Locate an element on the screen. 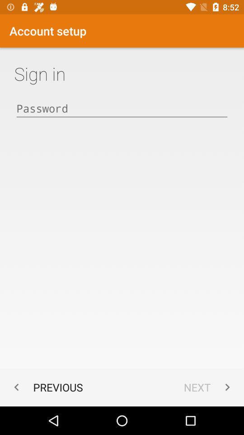 The image size is (244, 435). icon to the left of the next item is located at coordinates (46, 387).